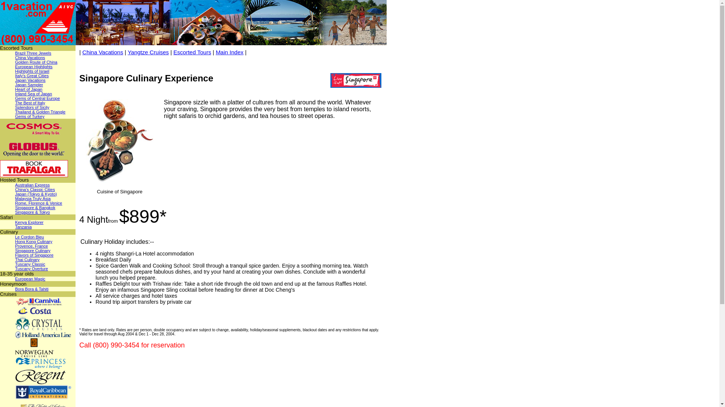 This screenshot has width=725, height=407. What do you see at coordinates (38, 203) in the screenshot?
I see `'Rome, Florence & Venice'` at bounding box center [38, 203].